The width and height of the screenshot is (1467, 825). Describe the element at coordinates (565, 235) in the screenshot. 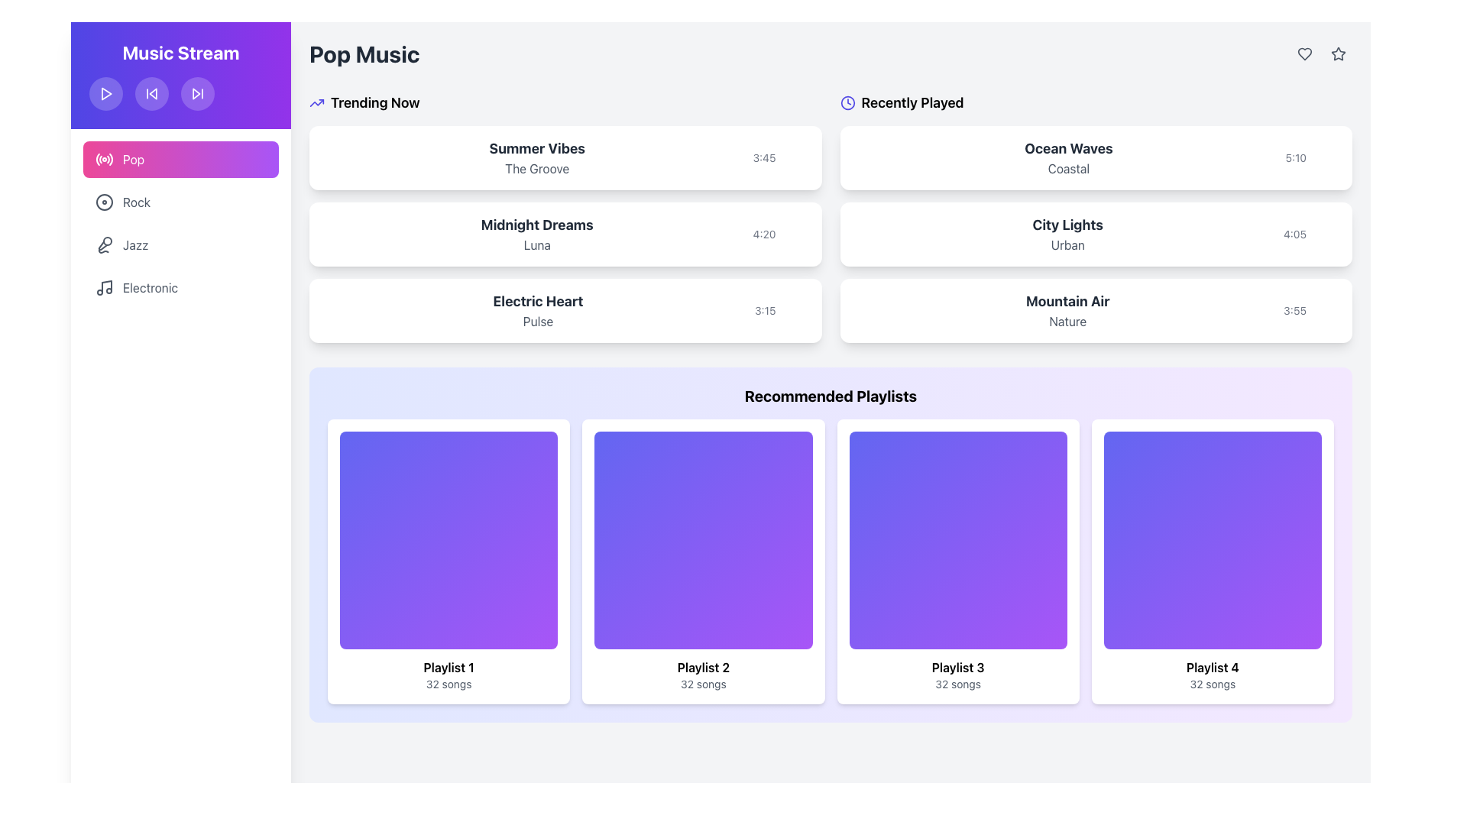

I see `the clickable list item titled 'Midnight Dreams'` at that location.